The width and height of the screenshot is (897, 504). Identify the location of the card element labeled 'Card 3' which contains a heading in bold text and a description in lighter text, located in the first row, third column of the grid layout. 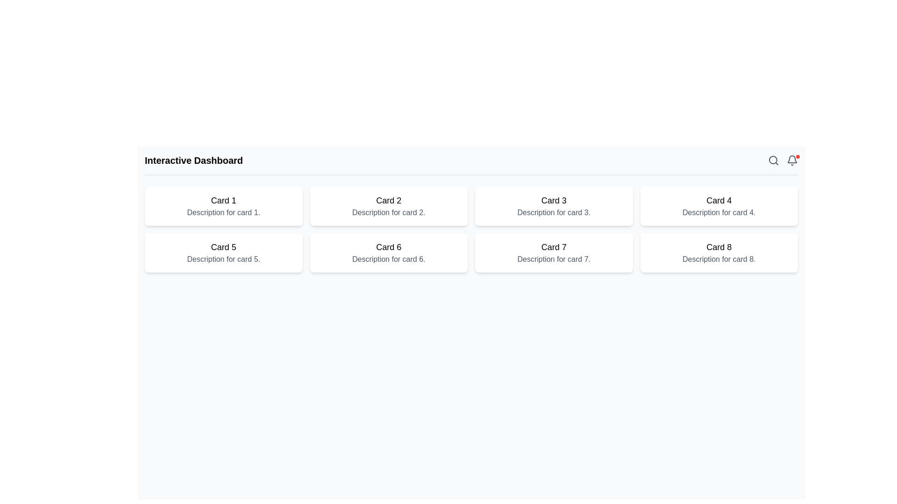
(554, 206).